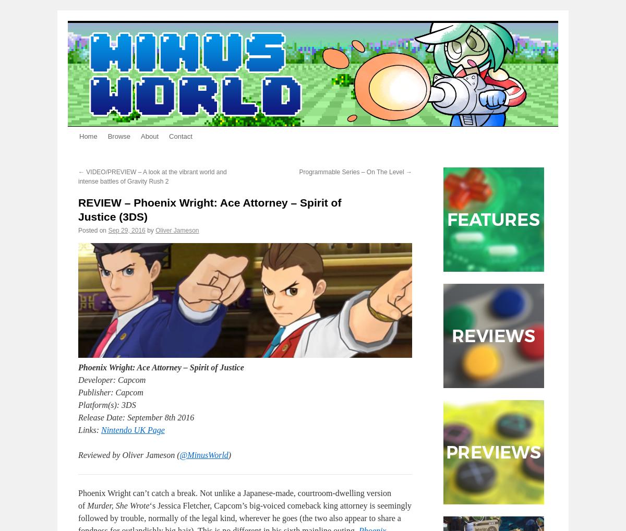 Image resolution: width=626 pixels, height=531 pixels. What do you see at coordinates (101, 429) in the screenshot?
I see `'Nintendo UK Page'` at bounding box center [101, 429].